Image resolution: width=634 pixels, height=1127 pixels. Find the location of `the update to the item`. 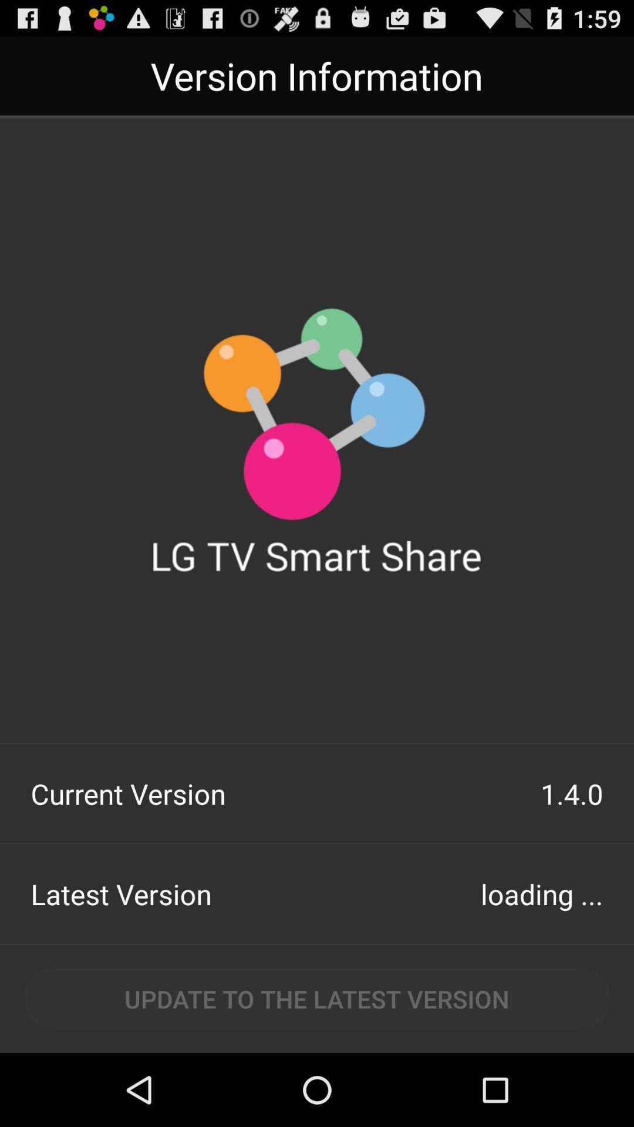

the update to the item is located at coordinates (317, 998).